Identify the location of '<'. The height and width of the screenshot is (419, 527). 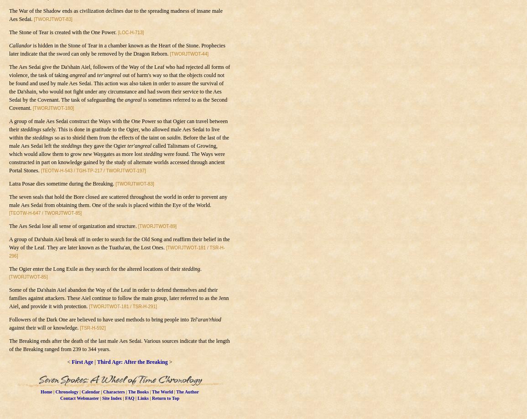
(69, 362).